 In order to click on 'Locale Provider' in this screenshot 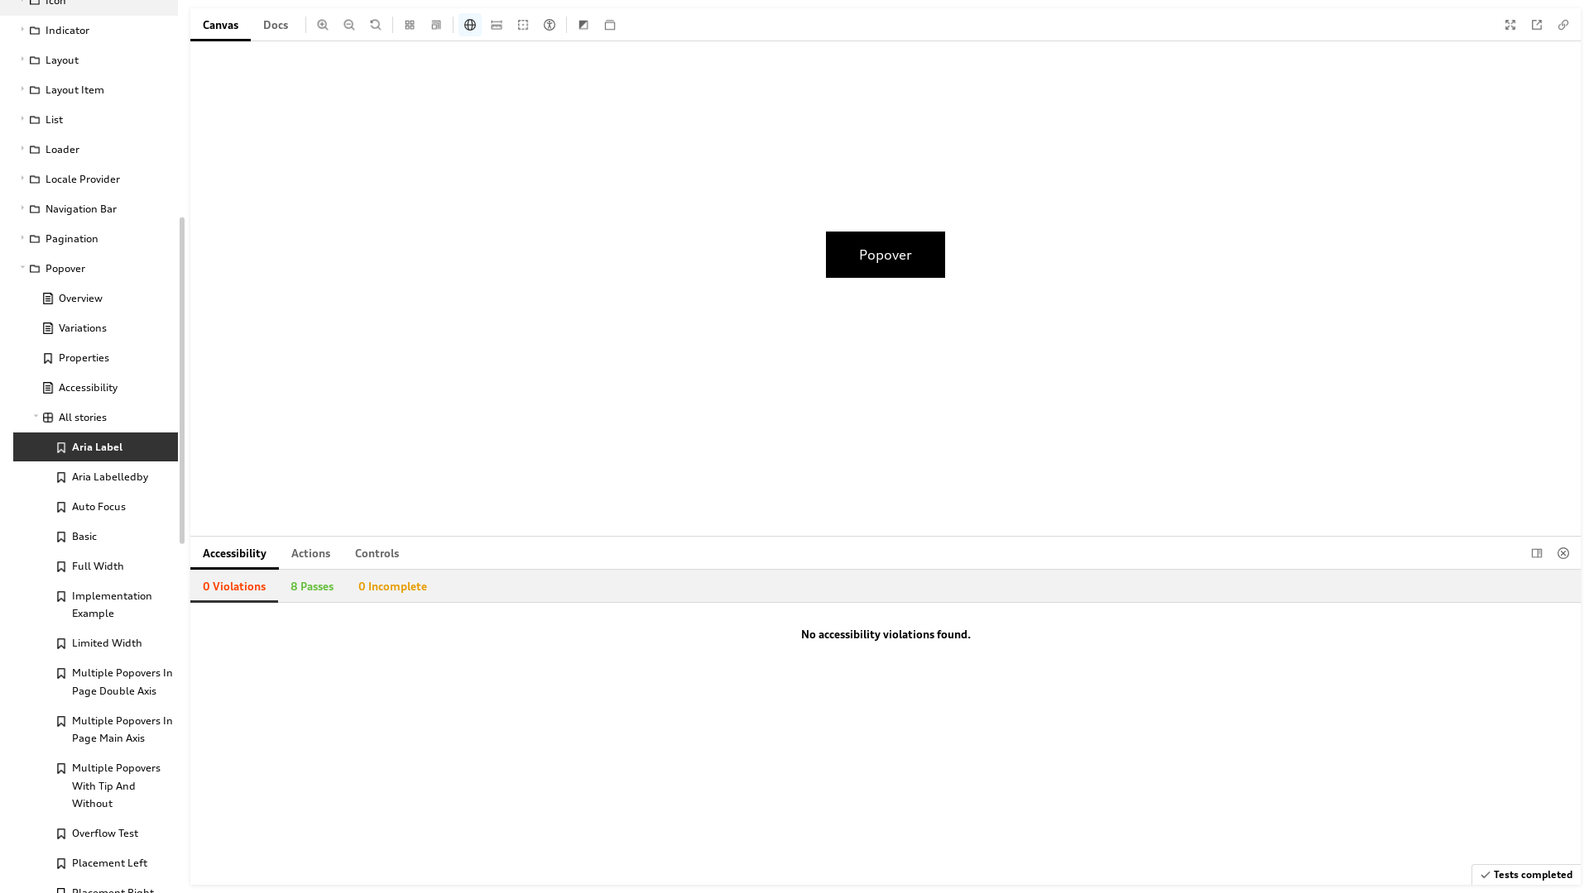, I will do `click(88, 179)`.